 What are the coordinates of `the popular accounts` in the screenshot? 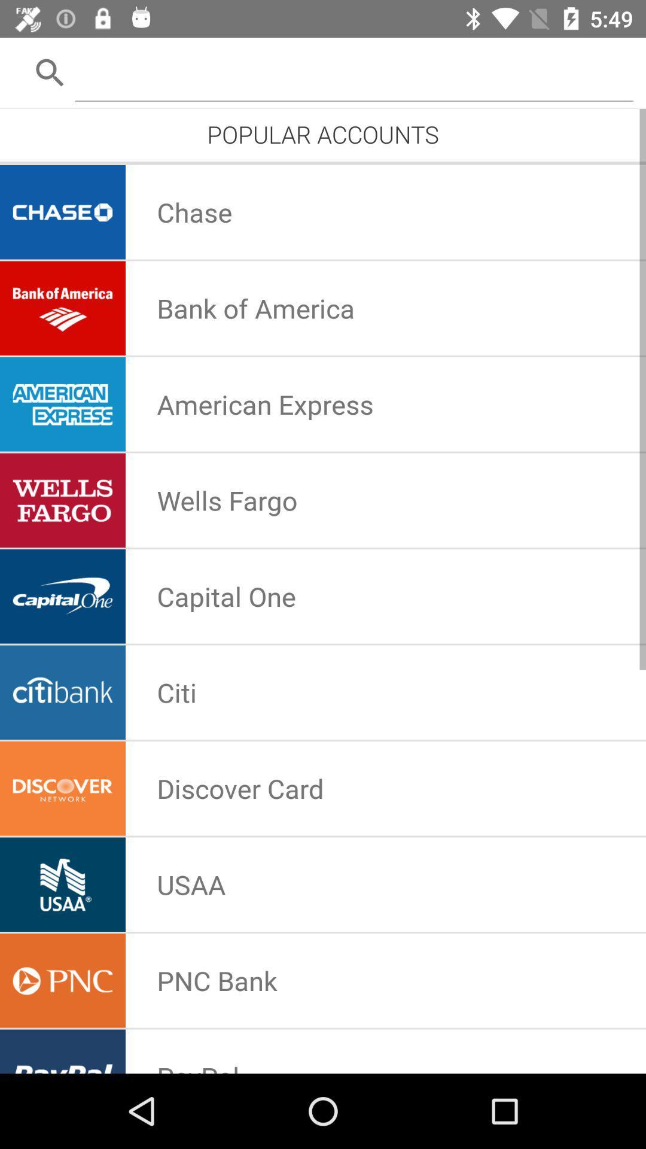 It's located at (323, 134).